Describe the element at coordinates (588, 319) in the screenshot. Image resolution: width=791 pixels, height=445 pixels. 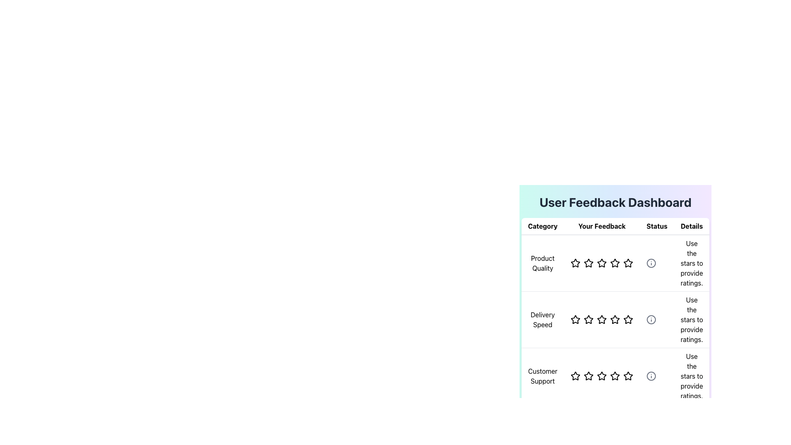
I see `the third star icon in the 'Your Feedback' column for 'Delivery Speed'` at that location.